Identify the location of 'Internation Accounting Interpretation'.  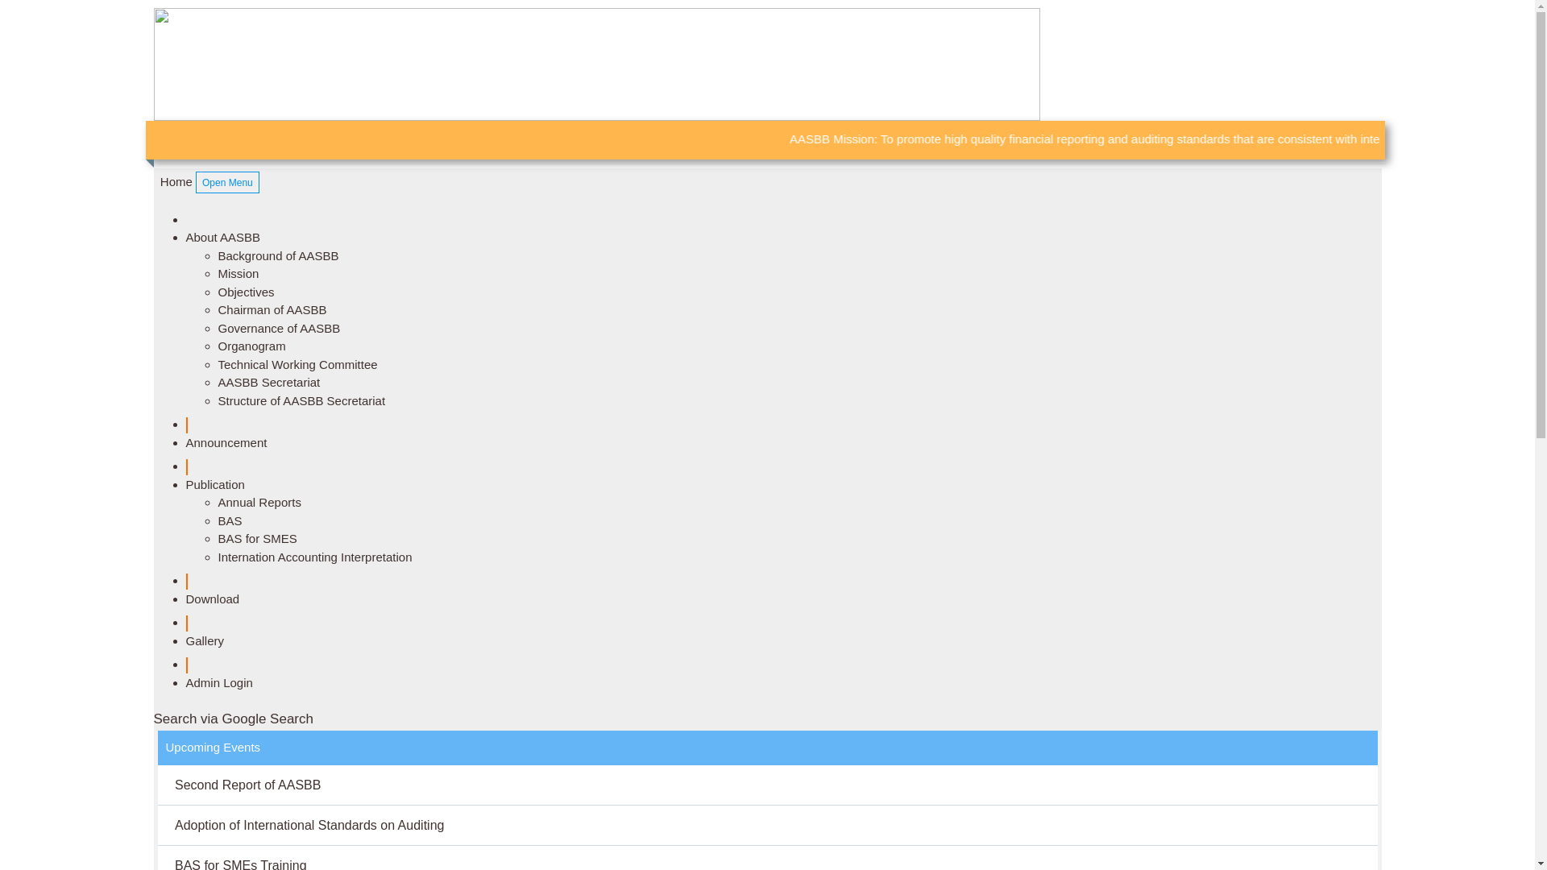
(314, 555).